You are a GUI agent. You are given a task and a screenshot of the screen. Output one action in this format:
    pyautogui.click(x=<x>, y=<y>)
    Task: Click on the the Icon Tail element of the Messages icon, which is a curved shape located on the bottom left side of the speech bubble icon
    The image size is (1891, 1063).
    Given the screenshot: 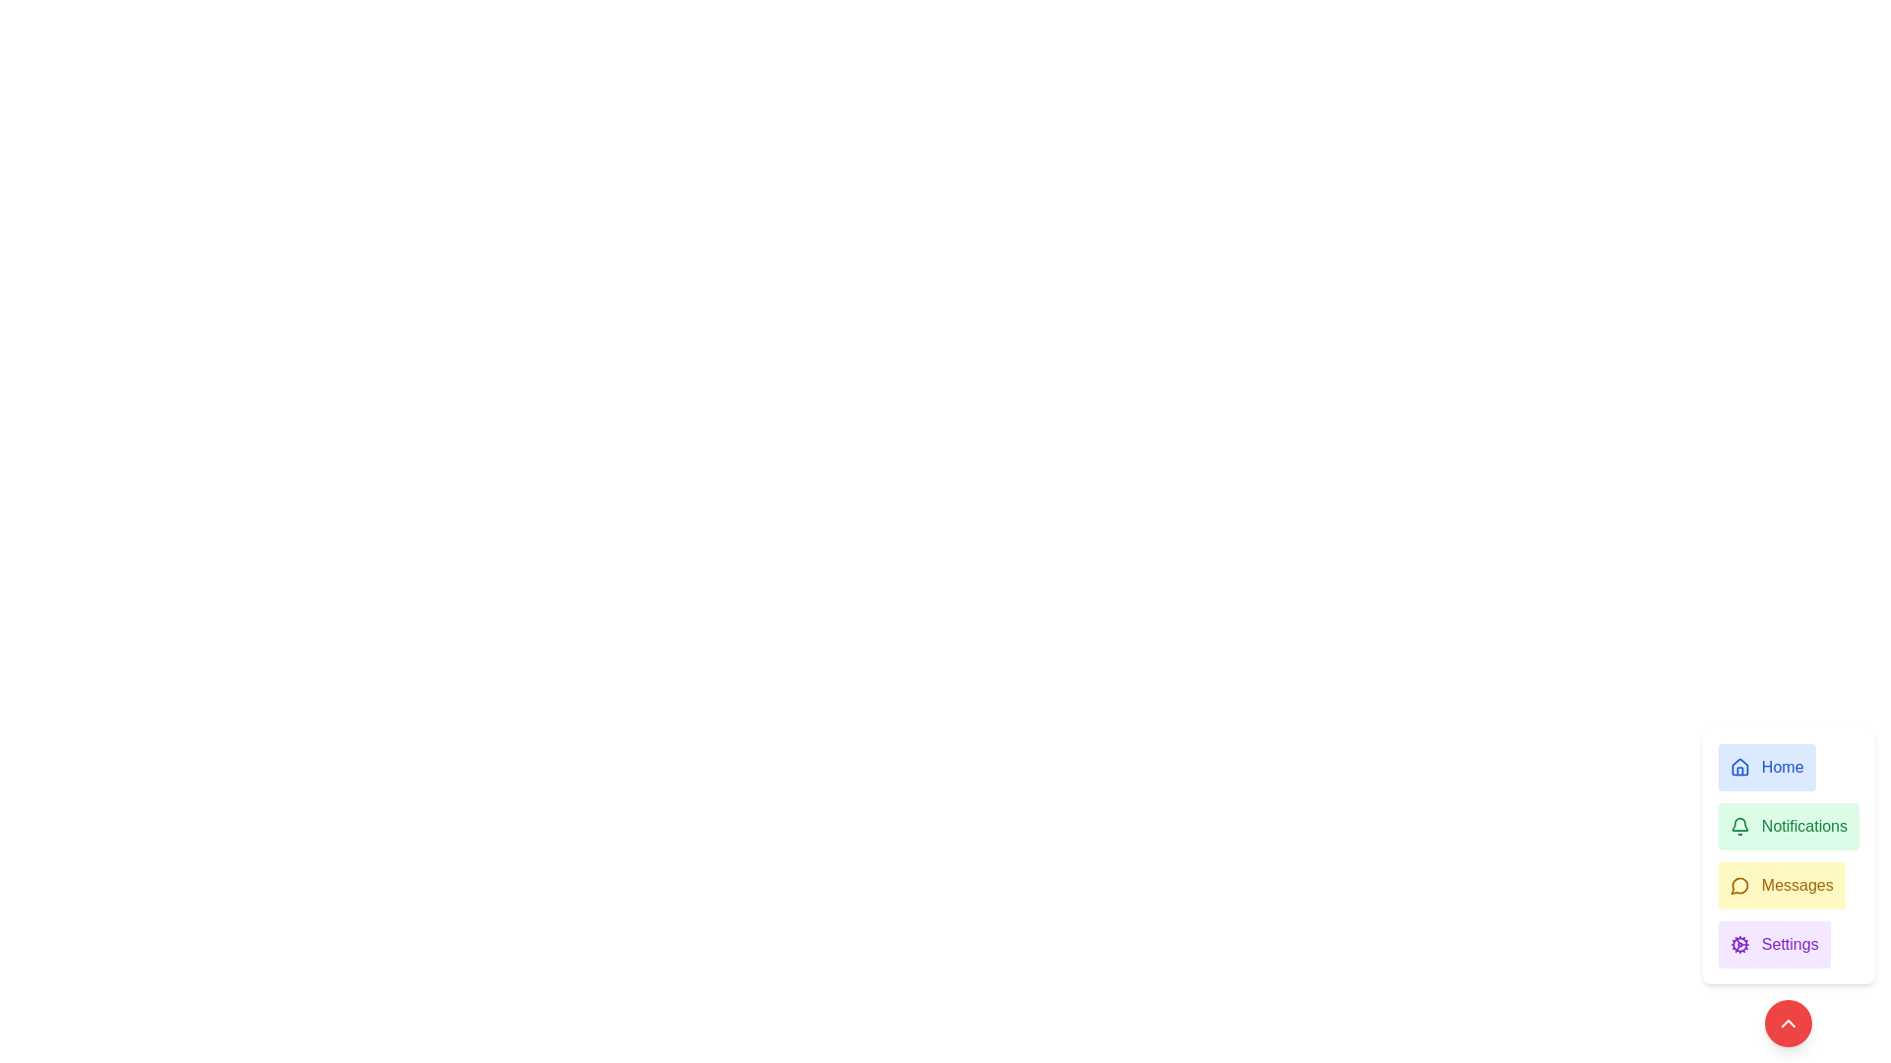 What is the action you would take?
    pyautogui.click(x=1739, y=886)
    